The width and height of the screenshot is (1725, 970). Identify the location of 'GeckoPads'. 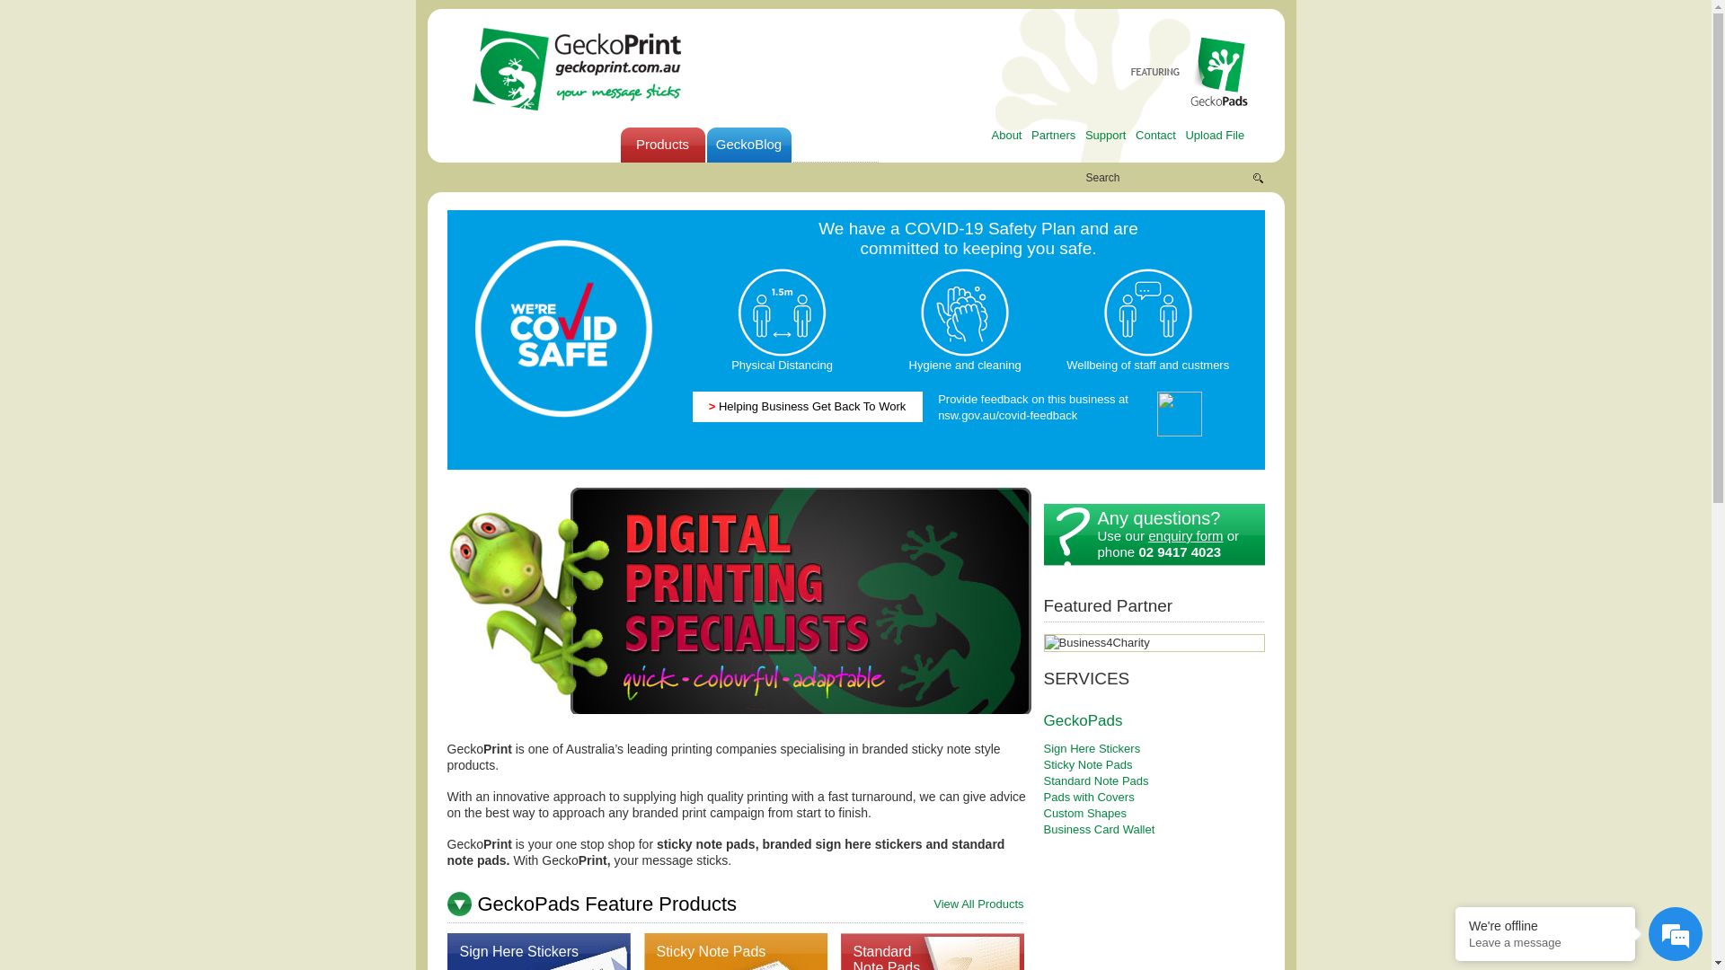
(1082, 719).